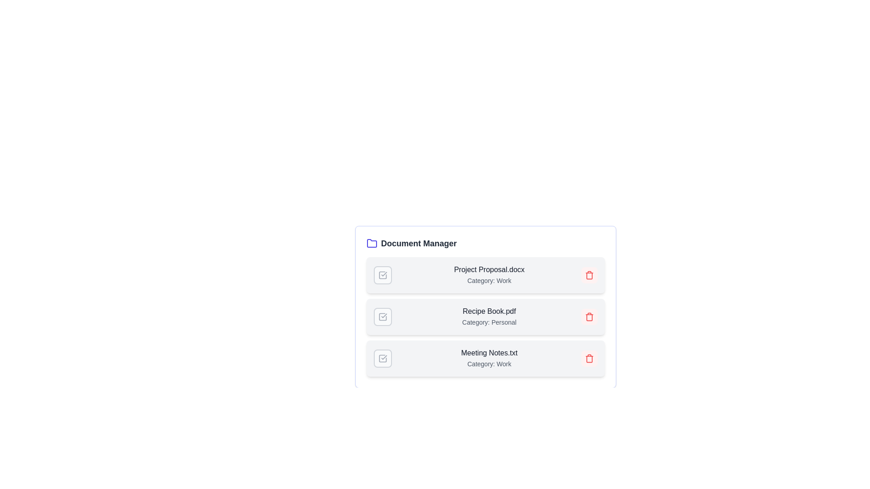 The width and height of the screenshot is (870, 489). I want to click on the selectable document item titled 'Meeting Notes.txt', so click(485, 358).